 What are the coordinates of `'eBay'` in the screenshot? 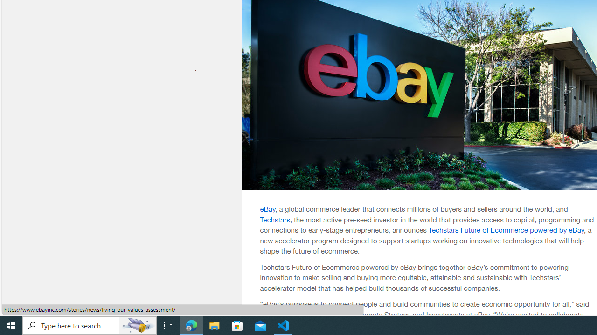 It's located at (267, 208).